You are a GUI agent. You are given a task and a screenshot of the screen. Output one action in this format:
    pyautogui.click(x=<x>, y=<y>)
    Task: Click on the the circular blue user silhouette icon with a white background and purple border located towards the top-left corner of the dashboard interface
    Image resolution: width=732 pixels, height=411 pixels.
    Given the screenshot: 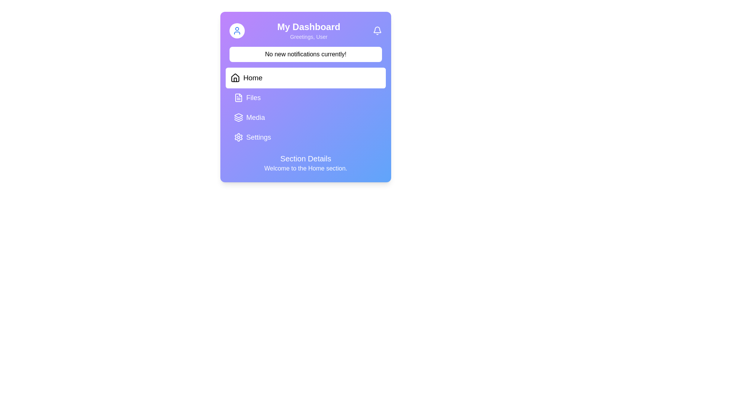 What is the action you would take?
    pyautogui.click(x=237, y=30)
    